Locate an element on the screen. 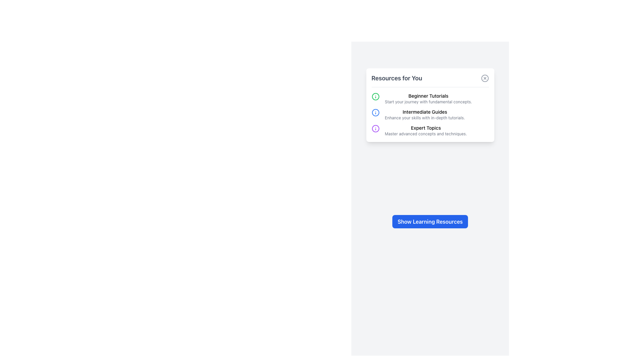  the descriptive text labeled 'Start your journey with fundamental concepts' located below the bold title 'Beginner Tutorials' in the 'Resources for You' card is located at coordinates (428, 102).